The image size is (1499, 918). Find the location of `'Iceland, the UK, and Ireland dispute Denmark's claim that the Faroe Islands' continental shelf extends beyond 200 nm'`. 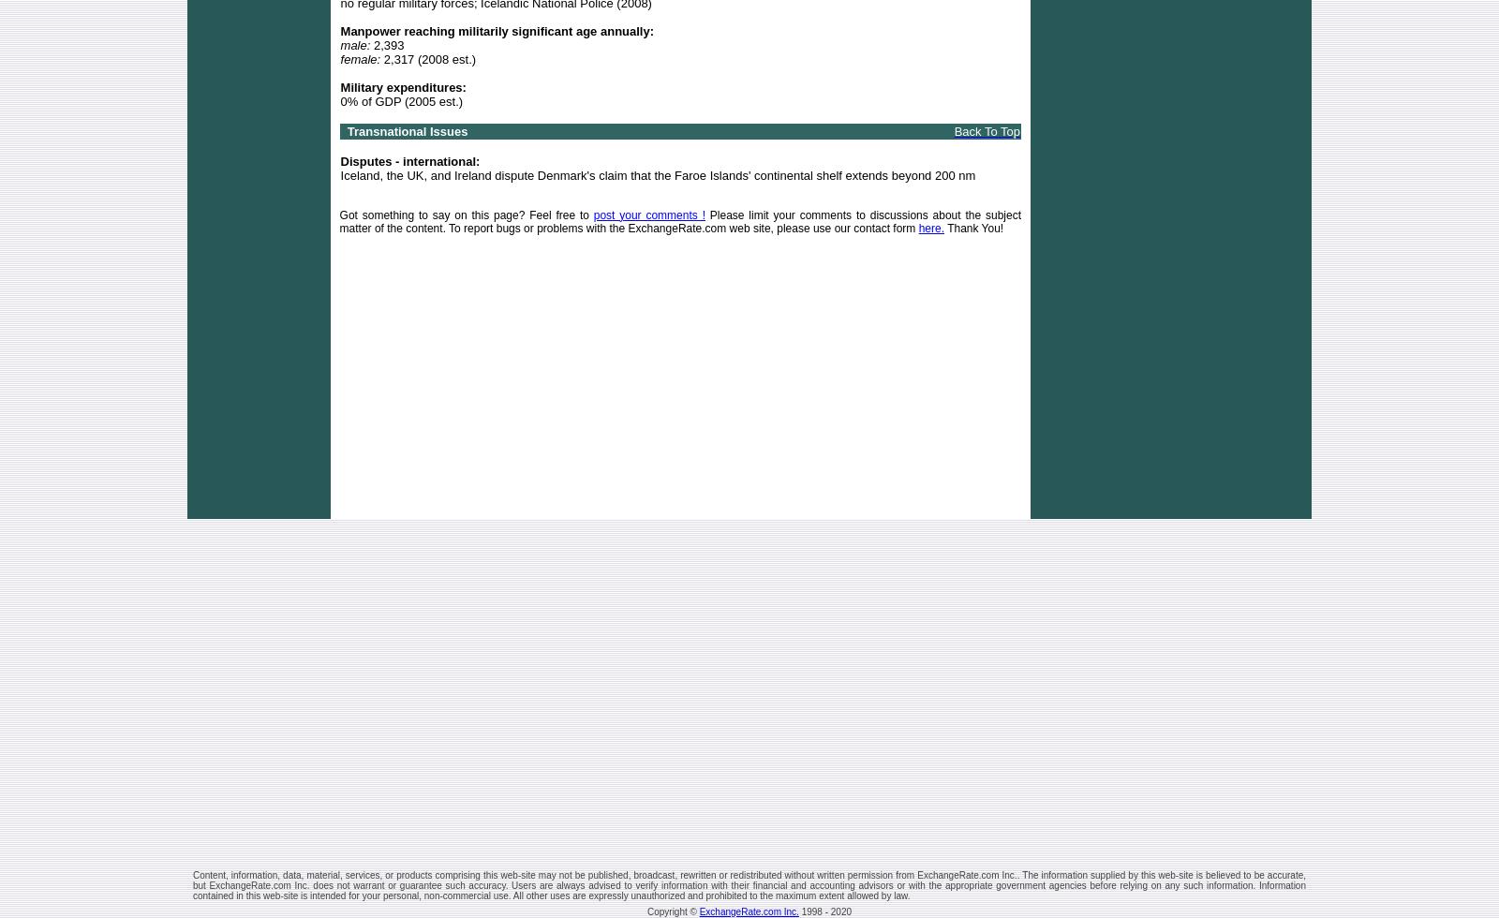

'Iceland, the UK, and Ireland dispute Denmark's claim that the Faroe Islands' continental shelf extends beyond 200 nm' is located at coordinates (657, 174).